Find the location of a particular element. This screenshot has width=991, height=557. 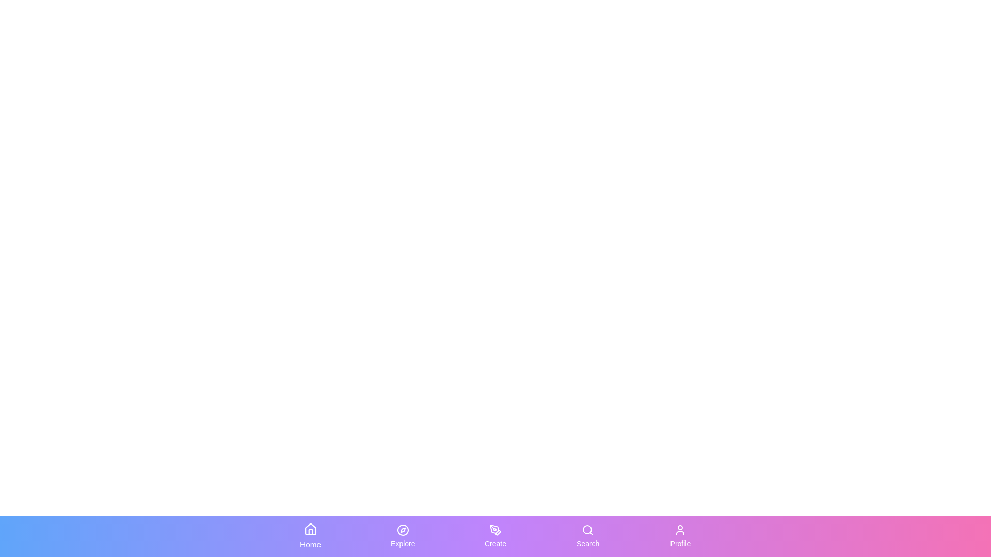

the Profile tab to switch to the corresponding section is located at coordinates (680, 536).